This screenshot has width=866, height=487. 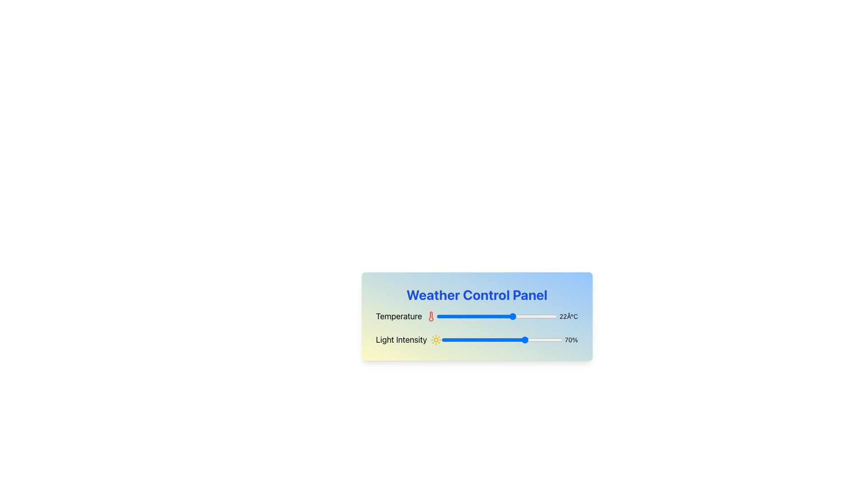 What do you see at coordinates (456, 316) in the screenshot?
I see `the temperature slider` at bounding box center [456, 316].